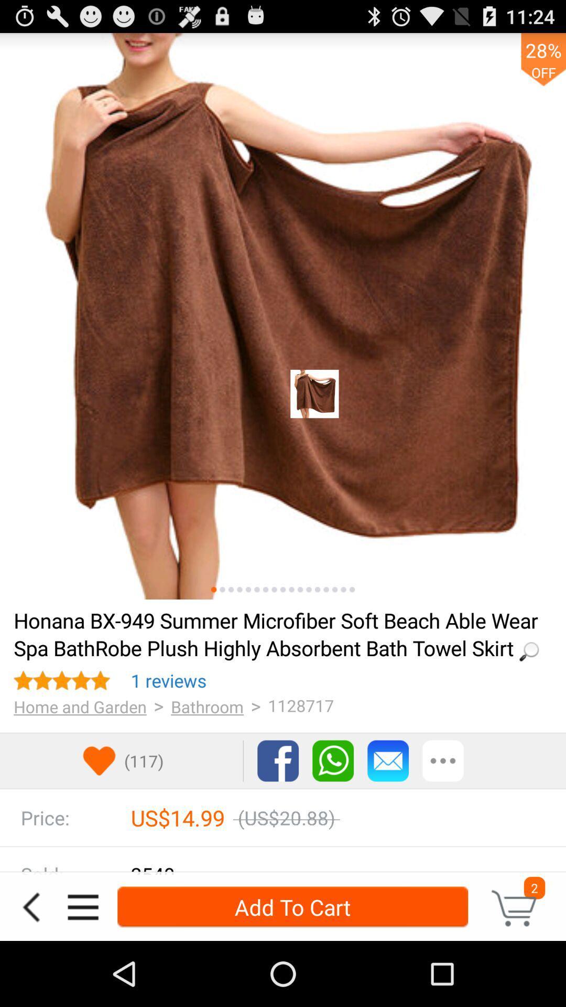 Image resolution: width=566 pixels, height=1007 pixels. I want to click on zoom image, so click(274, 590).